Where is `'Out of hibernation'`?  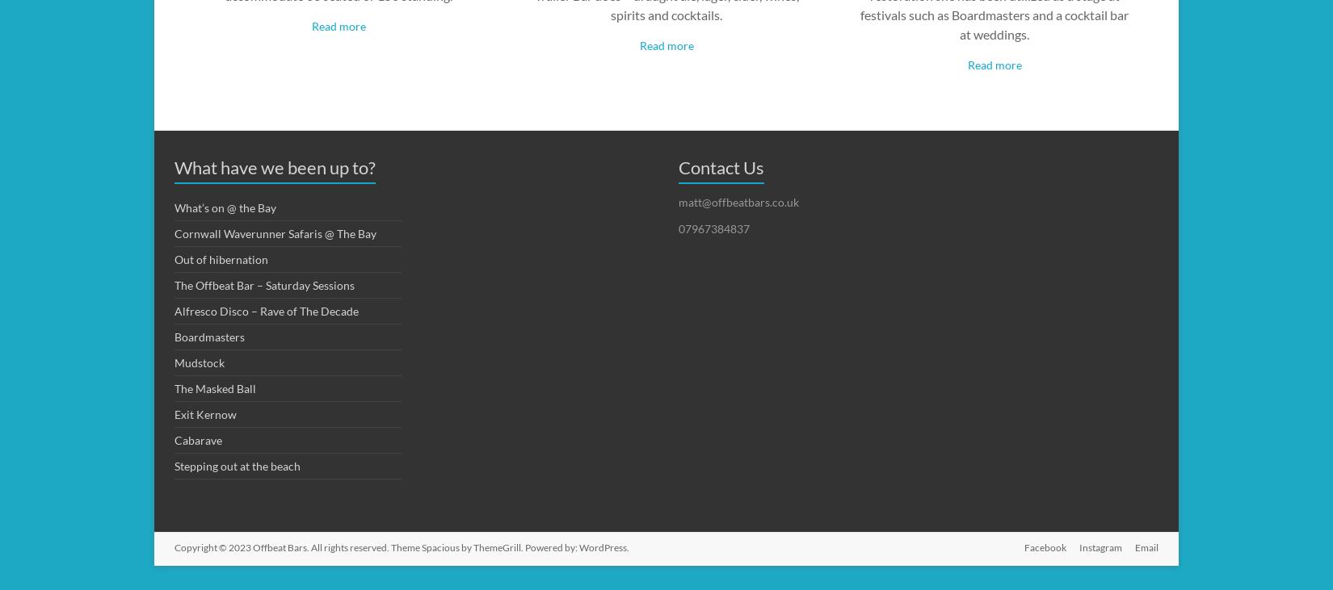 'Out of hibernation' is located at coordinates (174, 257).